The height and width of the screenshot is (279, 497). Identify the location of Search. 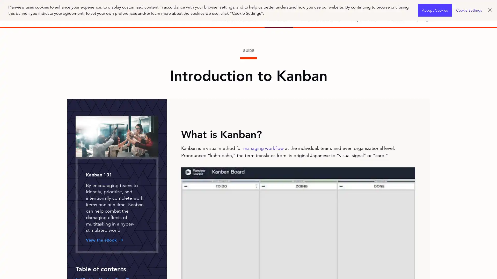
(408, 34).